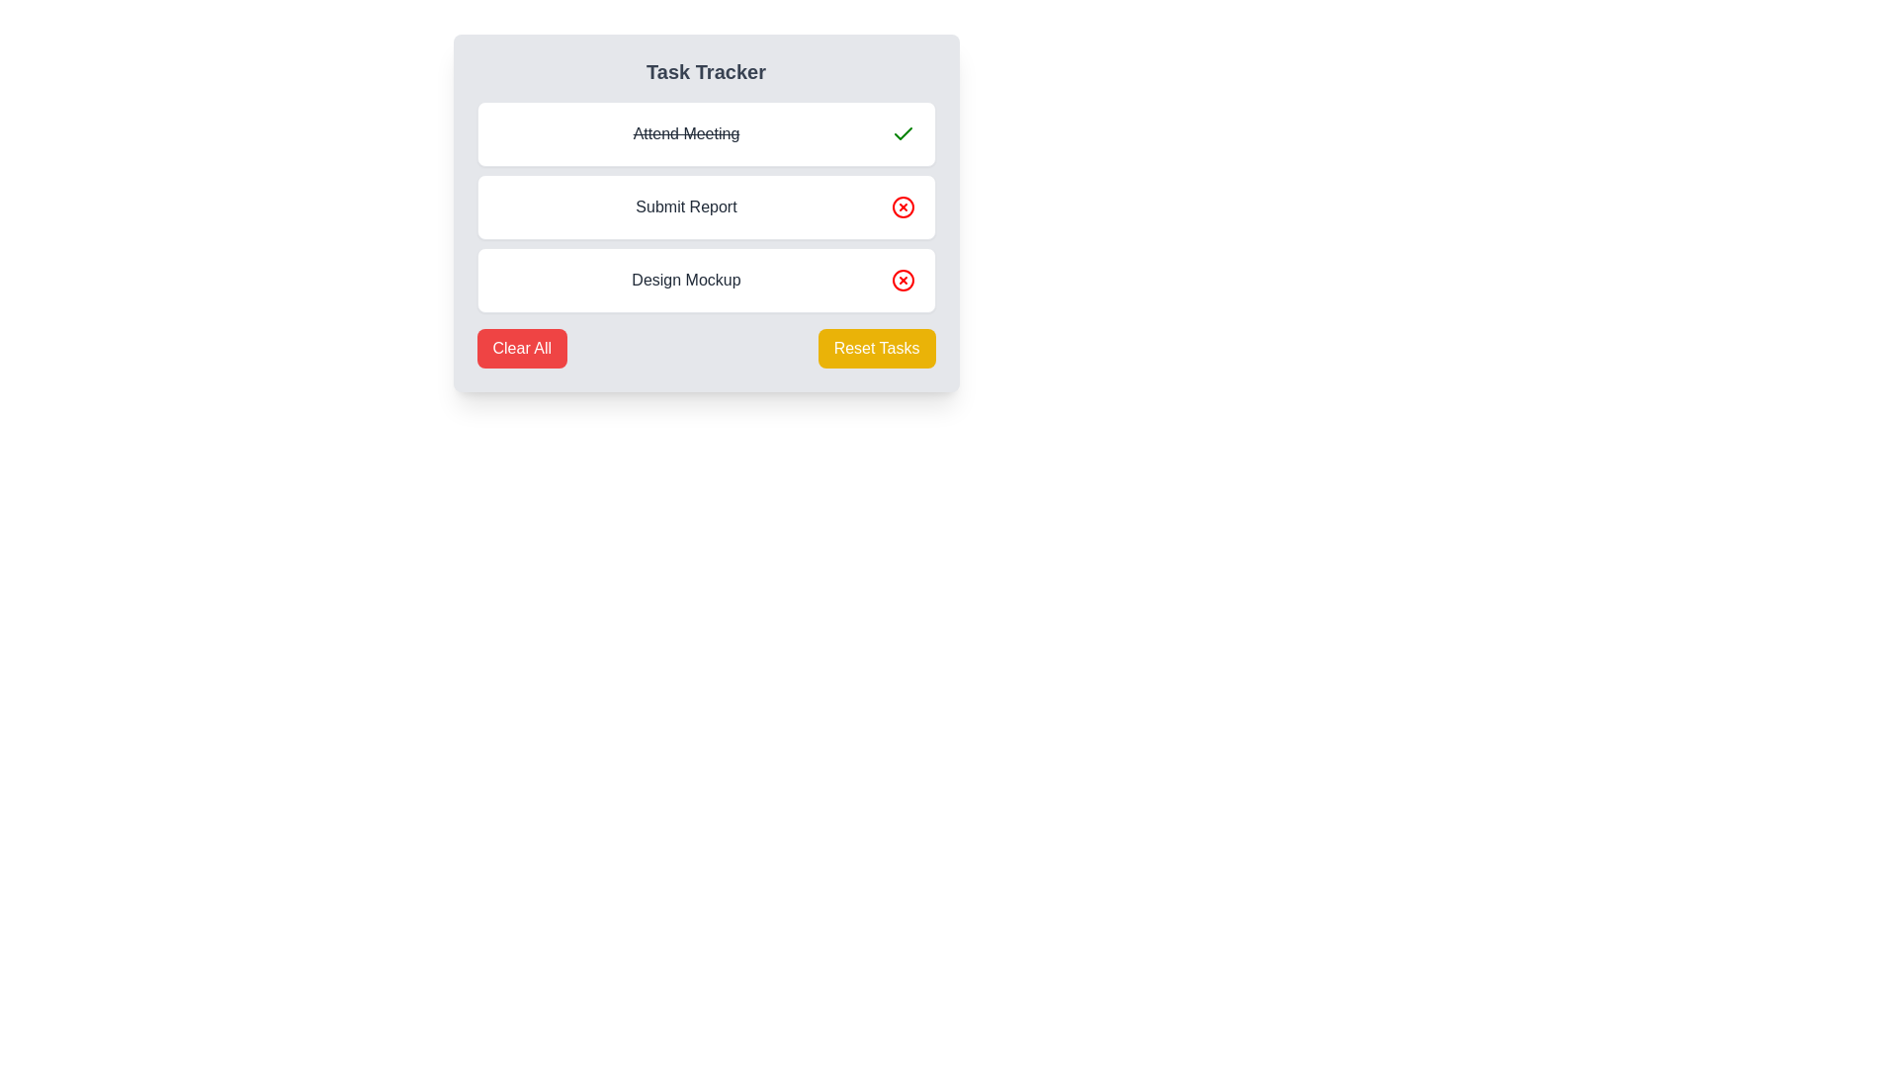 This screenshot has height=1067, width=1898. I want to click on the text 'Design Mockup' in the third task item of the Task Tracker list, so click(706, 281).